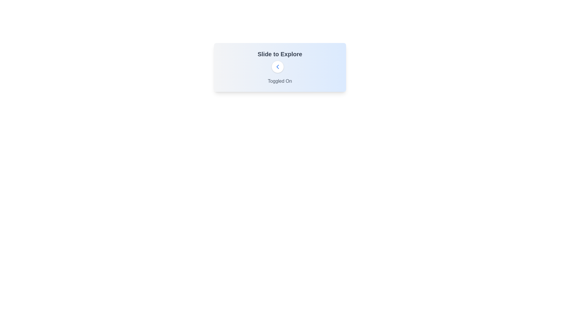 The width and height of the screenshot is (566, 318). I want to click on the white circular button with a blue left-pointing chevron arrow icon at its center, so click(277, 67).